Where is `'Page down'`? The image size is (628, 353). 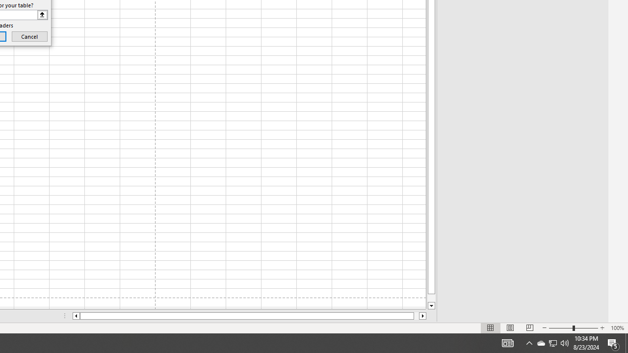 'Page down' is located at coordinates (431, 298).